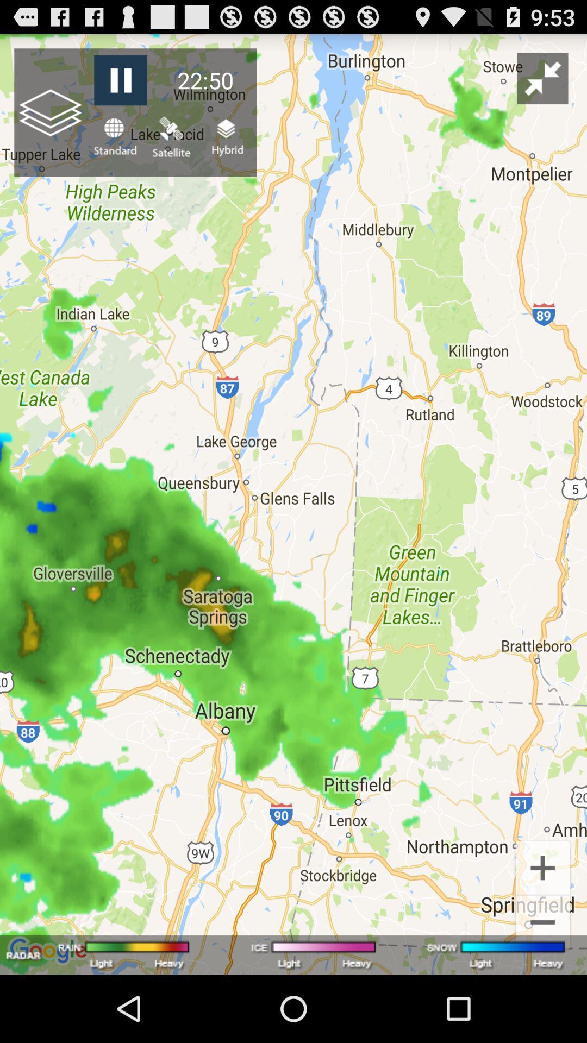 The width and height of the screenshot is (587, 1043). What do you see at coordinates (120, 85) in the screenshot?
I see `the pause icon` at bounding box center [120, 85].